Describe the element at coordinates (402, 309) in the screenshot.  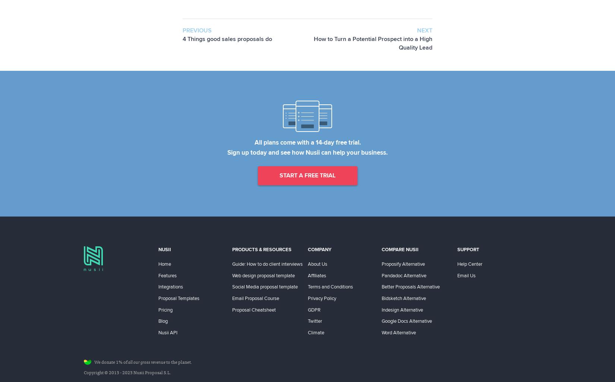
I see `'Indesign Alternative'` at that location.